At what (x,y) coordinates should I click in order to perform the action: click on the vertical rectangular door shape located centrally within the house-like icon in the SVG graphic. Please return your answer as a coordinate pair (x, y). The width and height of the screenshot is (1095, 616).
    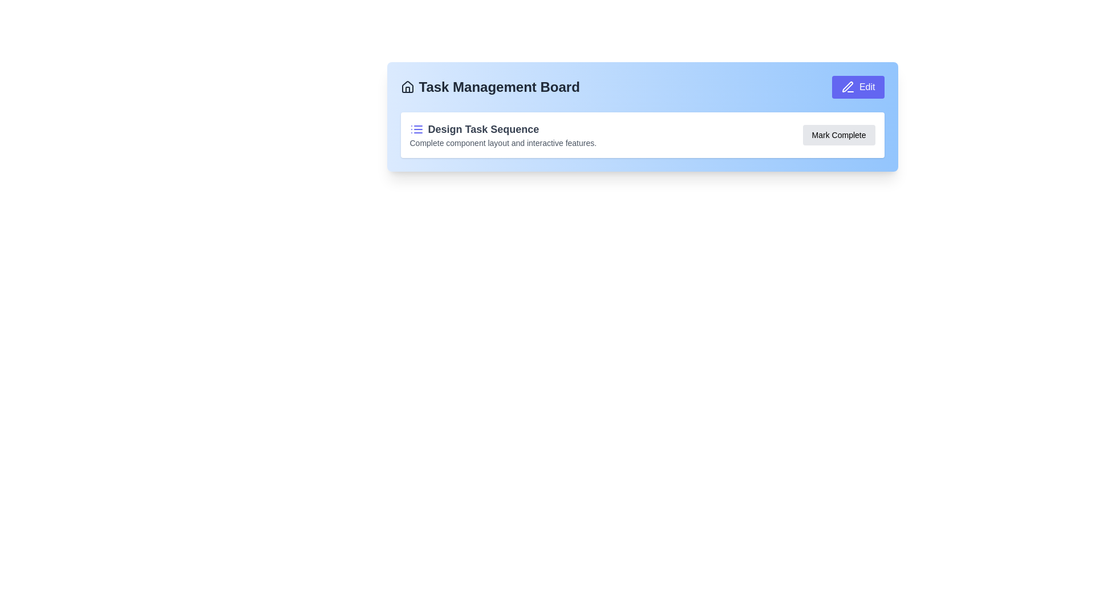
    Looking at the image, I should click on (407, 89).